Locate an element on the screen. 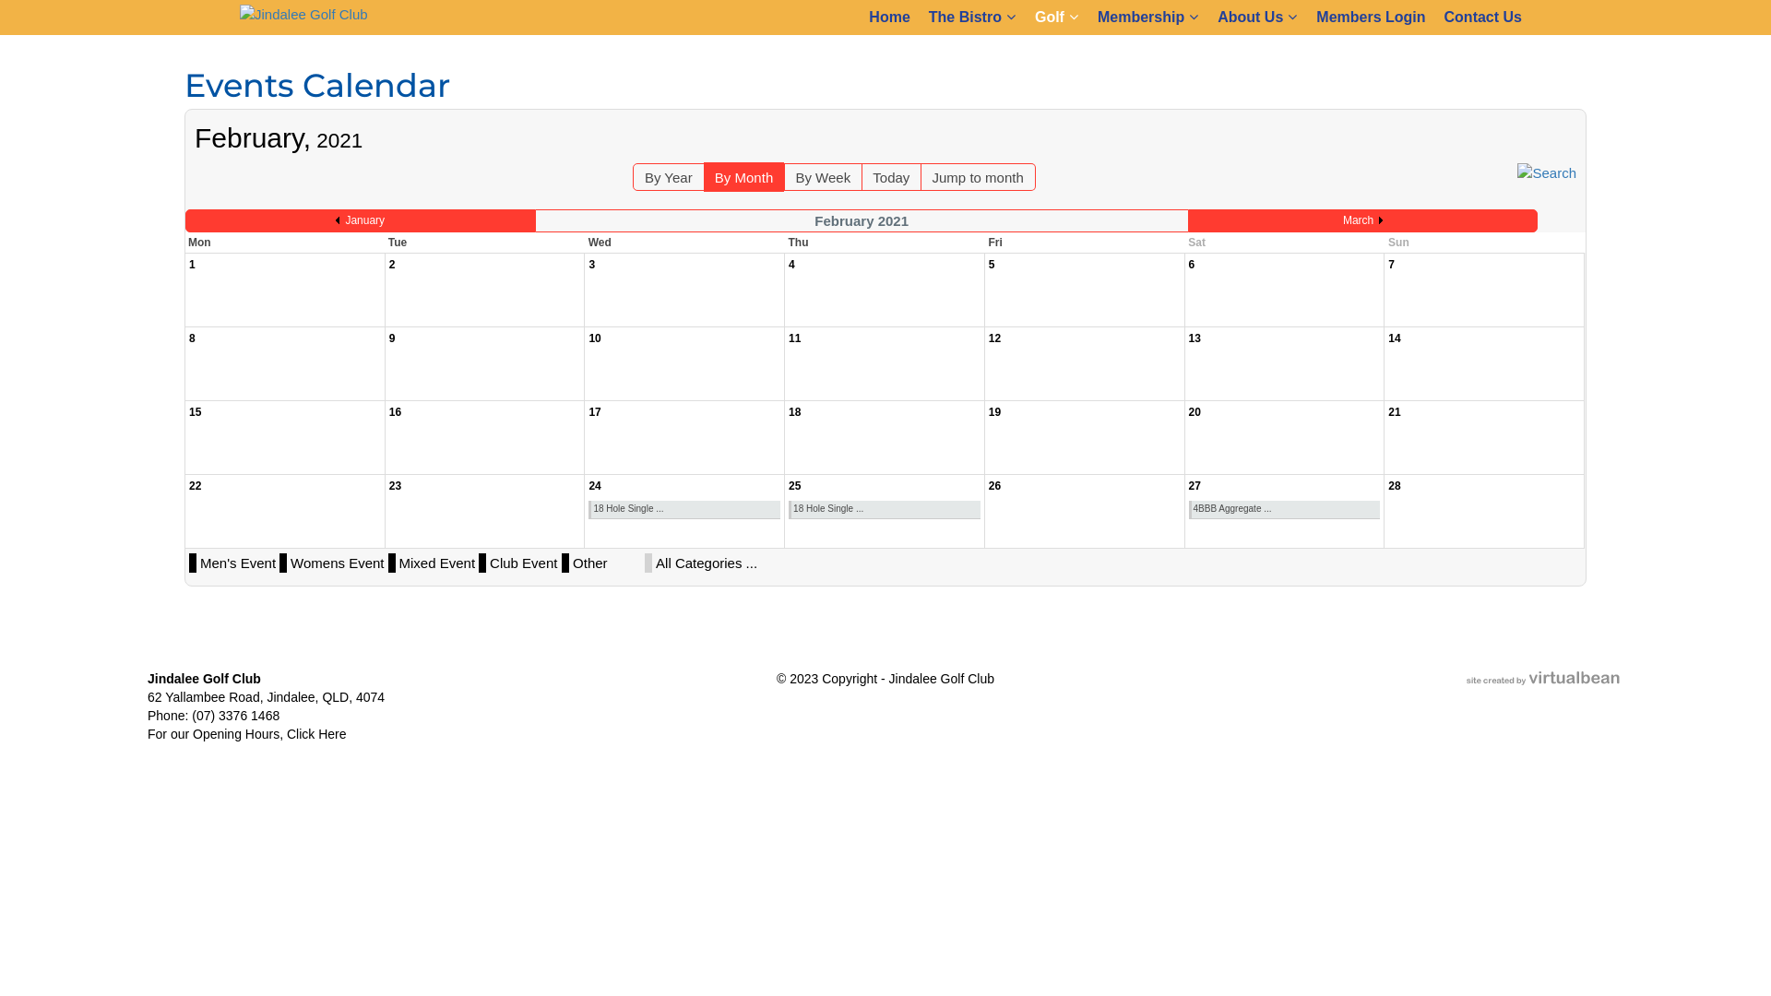 This screenshot has height=996, width=1771. '23' is located at coordinates (394, 485).